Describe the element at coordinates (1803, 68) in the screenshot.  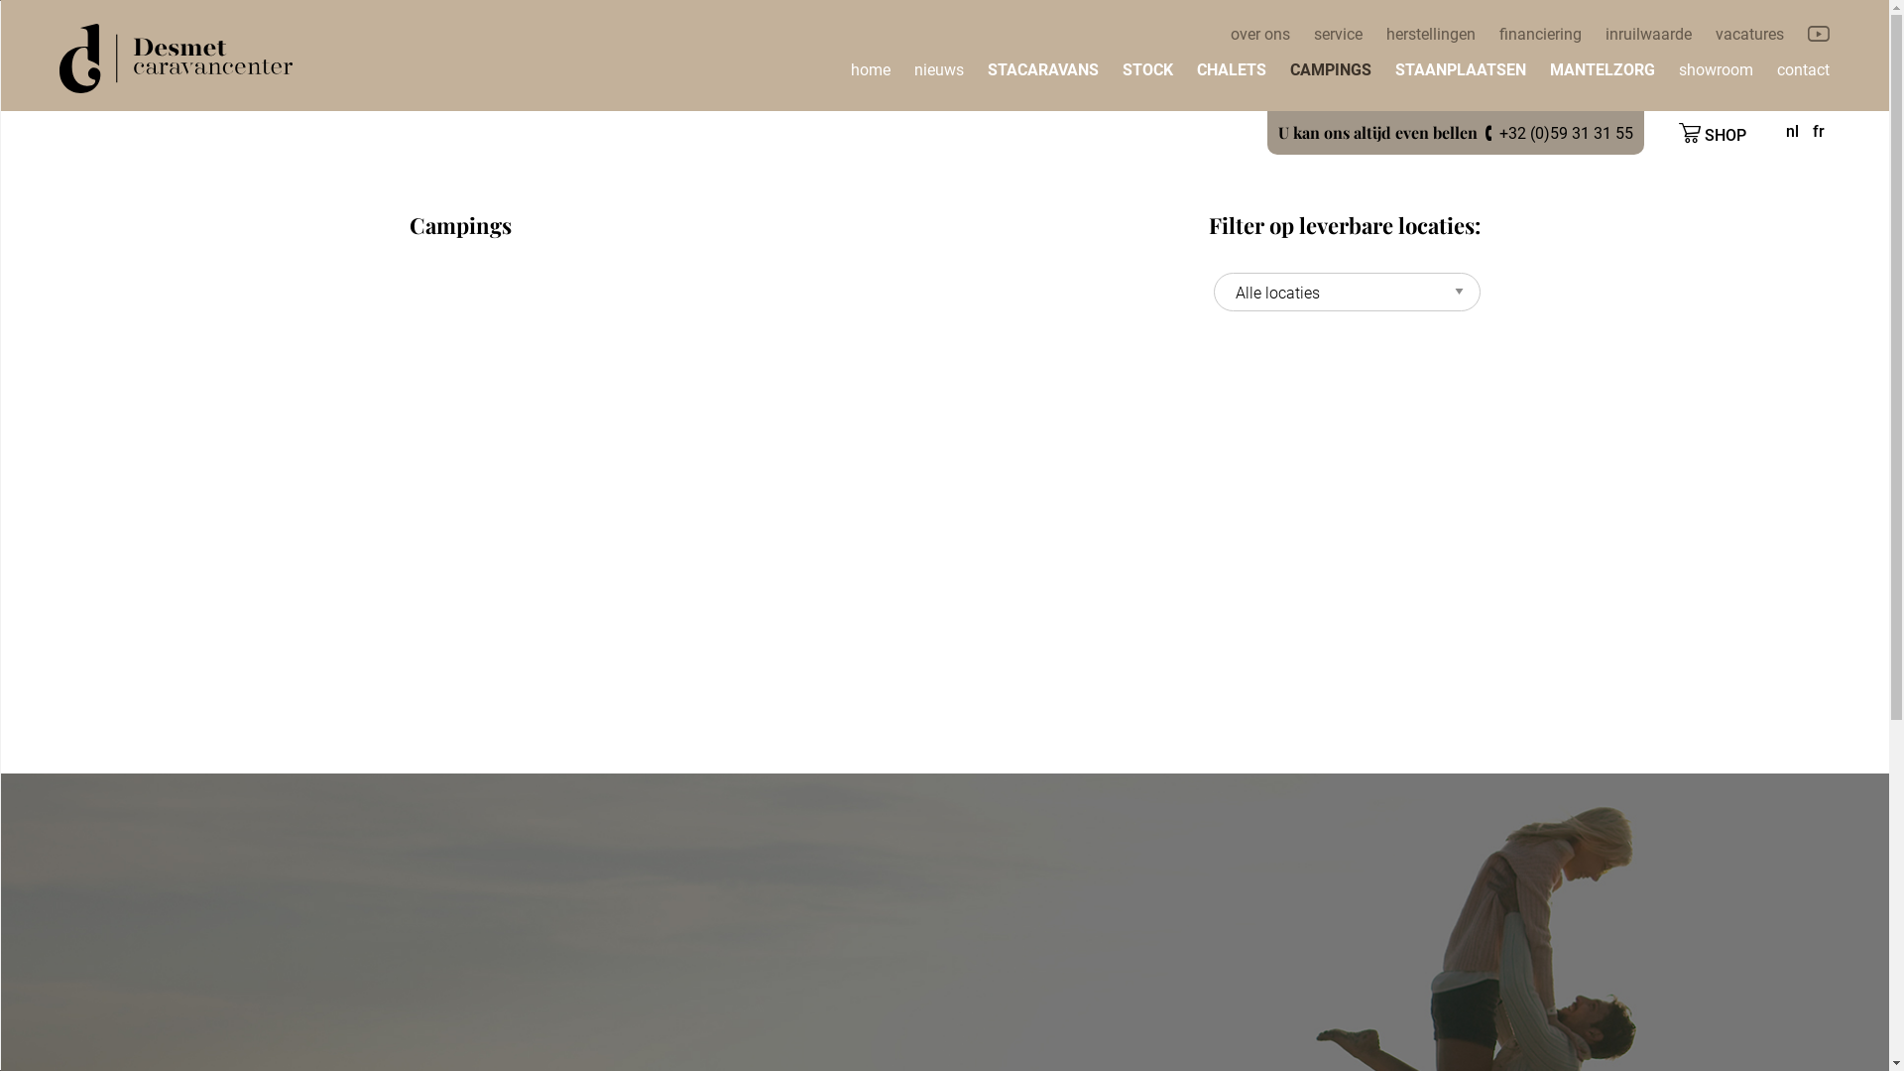
I see `'contact'` at that location.